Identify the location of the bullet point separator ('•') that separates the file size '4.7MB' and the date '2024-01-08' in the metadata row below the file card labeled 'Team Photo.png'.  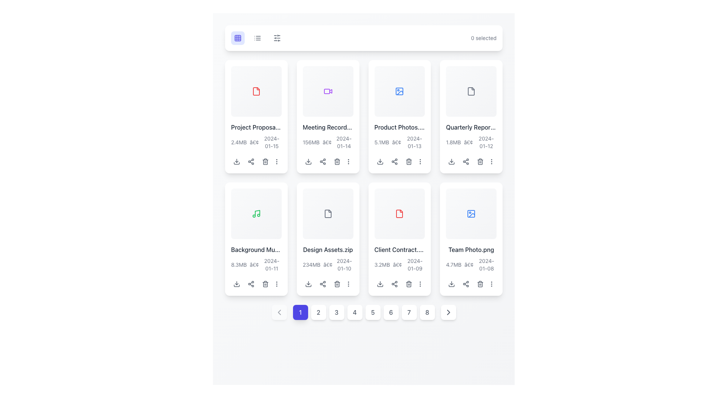
(469, 264).